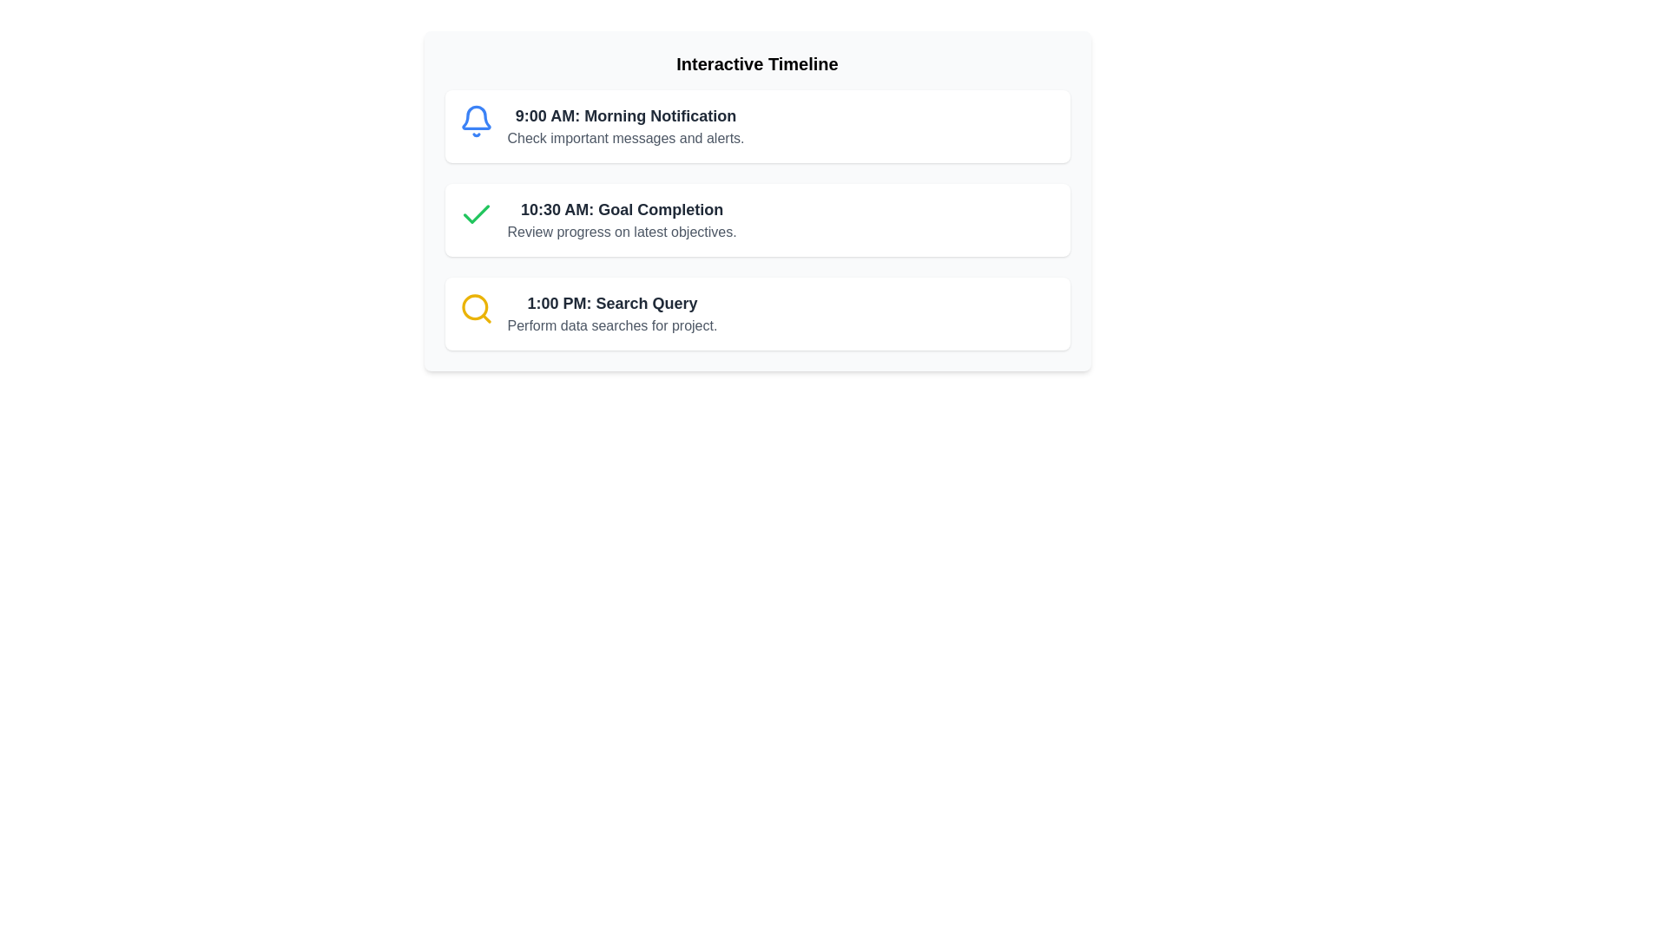  I want to click on an item in the List of Items UI Component within the 'Interactive Timeline', so click(757, 220).